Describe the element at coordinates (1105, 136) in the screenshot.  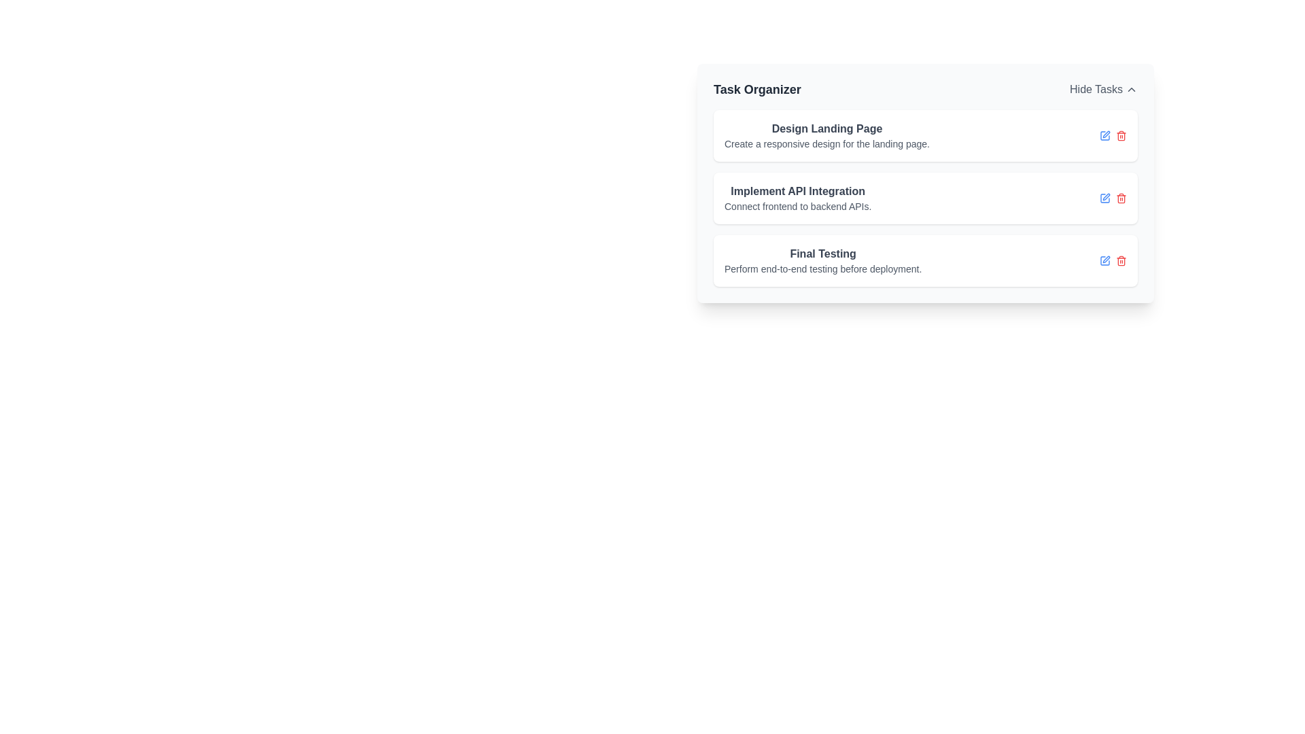
I see `the square icon located on the right side of the 'Design Landing Page' task row for icon-related functionality` at that location.